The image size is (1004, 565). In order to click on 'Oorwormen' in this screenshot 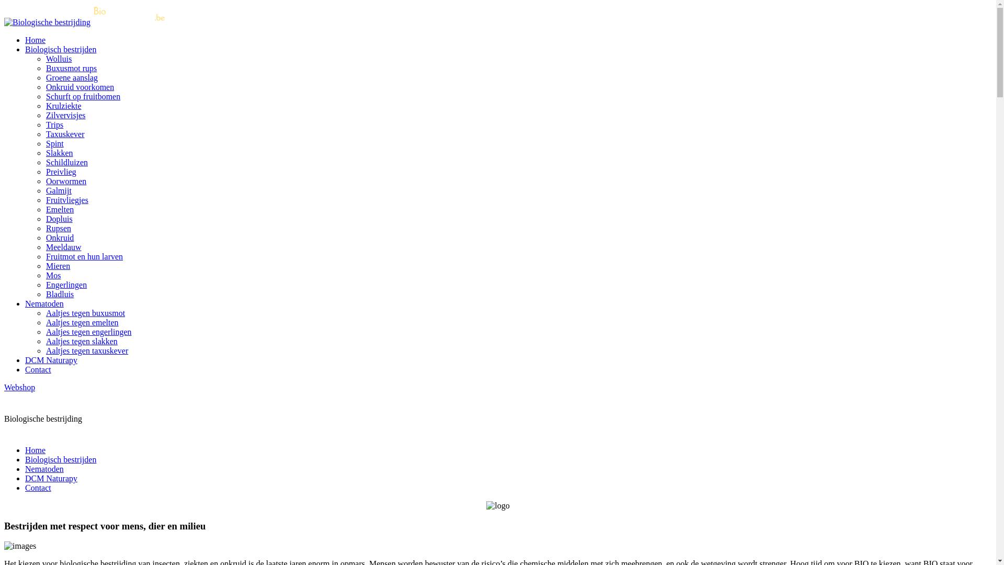, I will do `click(45, 180)`.